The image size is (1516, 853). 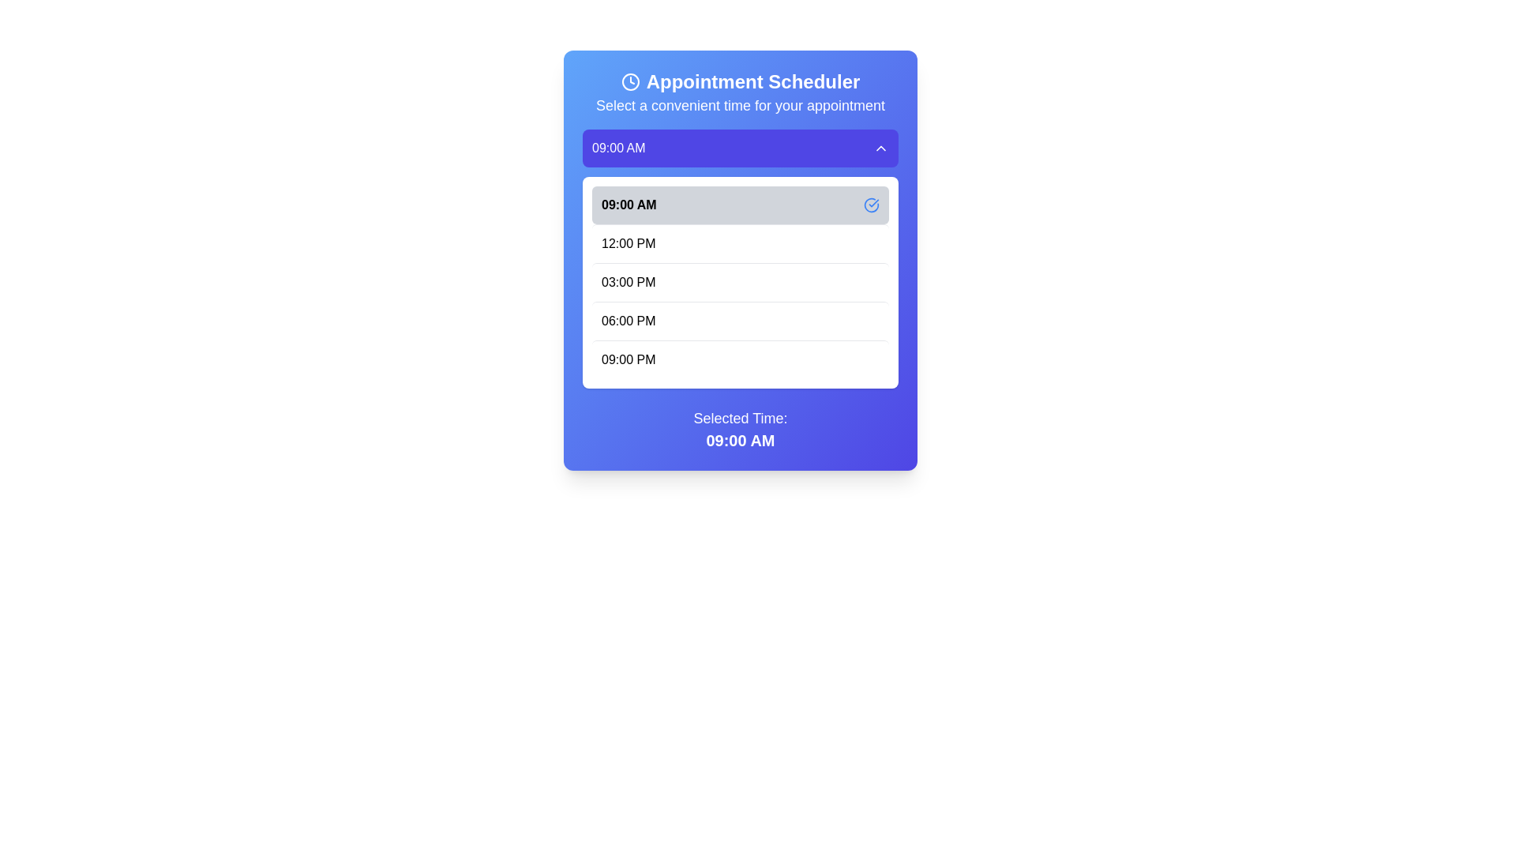 What do you see at coordinates (739, 417) in the screenshot?
I see `the Text Label that provides context for the user-selected time displayed beneath it, positioned above the '09:00 AM' time display` at bounding box center [739, 417].